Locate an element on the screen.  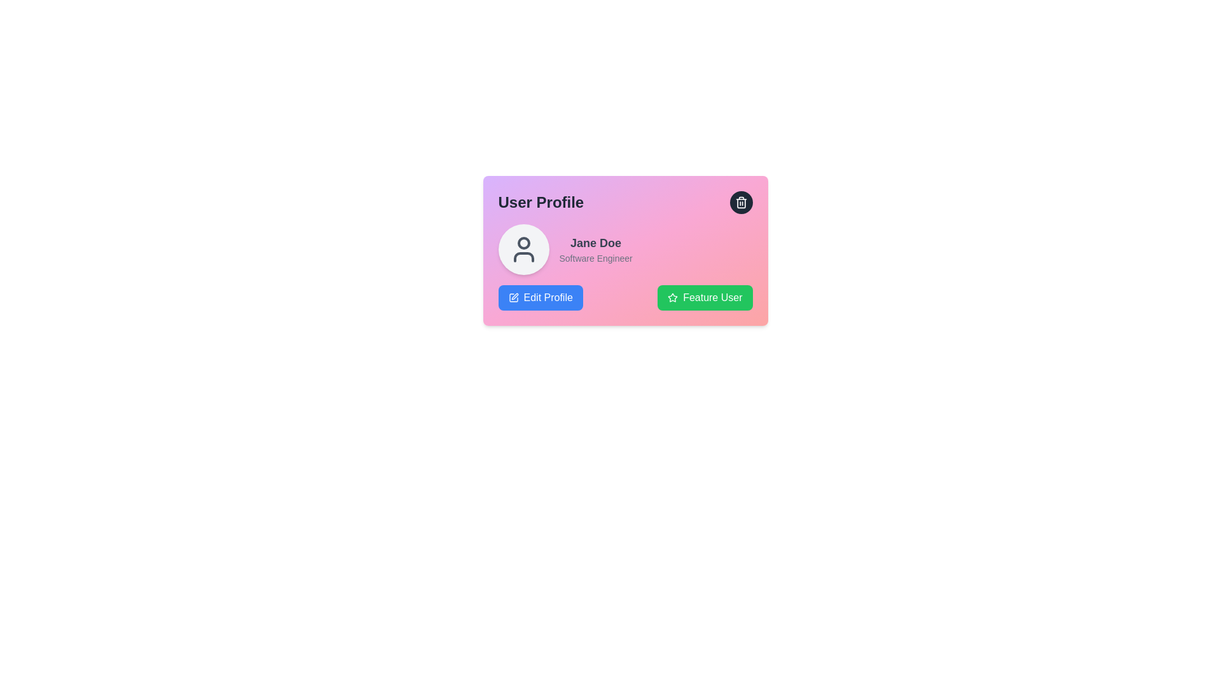
the delete icon button located in the top-right corner of the profile card is located at coordinates (741, 202).